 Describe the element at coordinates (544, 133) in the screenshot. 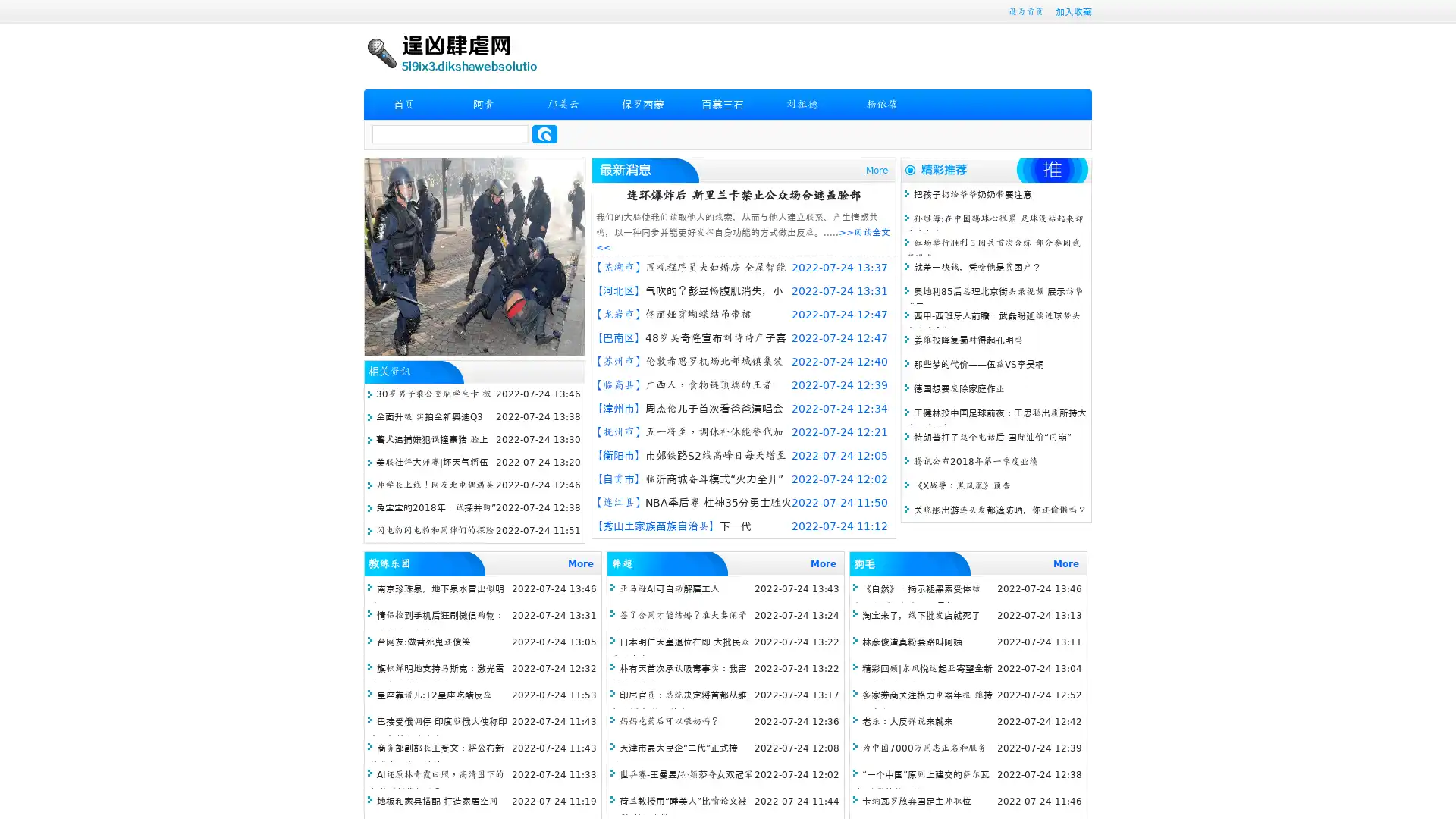

I see `Search` at that location.